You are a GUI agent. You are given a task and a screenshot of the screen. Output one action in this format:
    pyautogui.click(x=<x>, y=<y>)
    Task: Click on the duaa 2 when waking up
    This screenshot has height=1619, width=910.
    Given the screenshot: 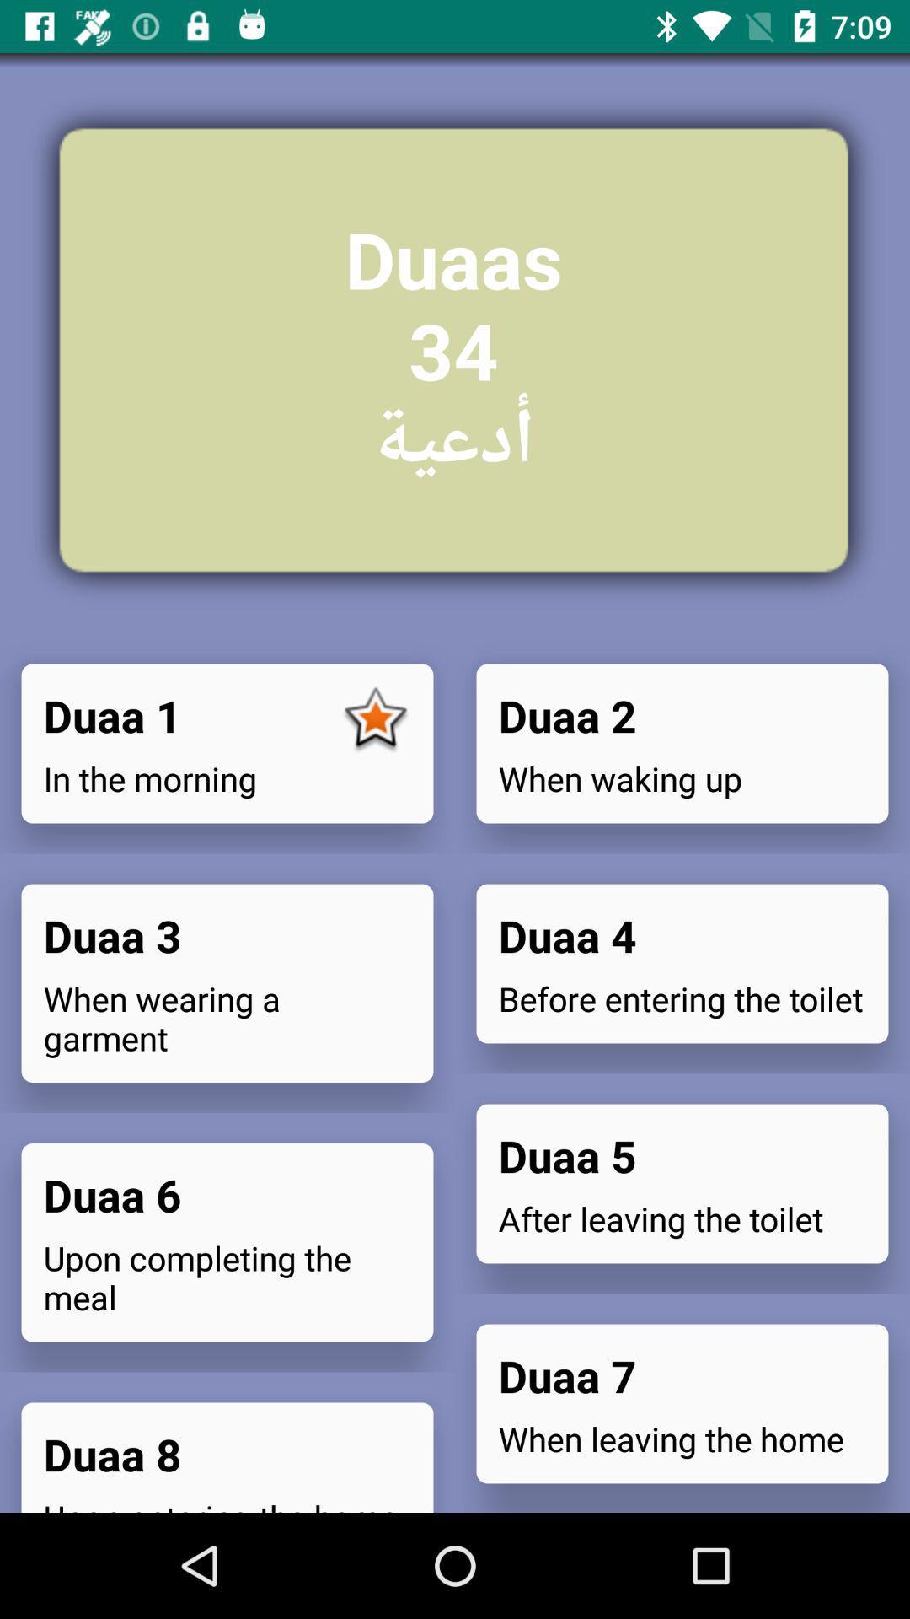 What is the action you would take?
    pyautogui.click(x=682, y=743)
    